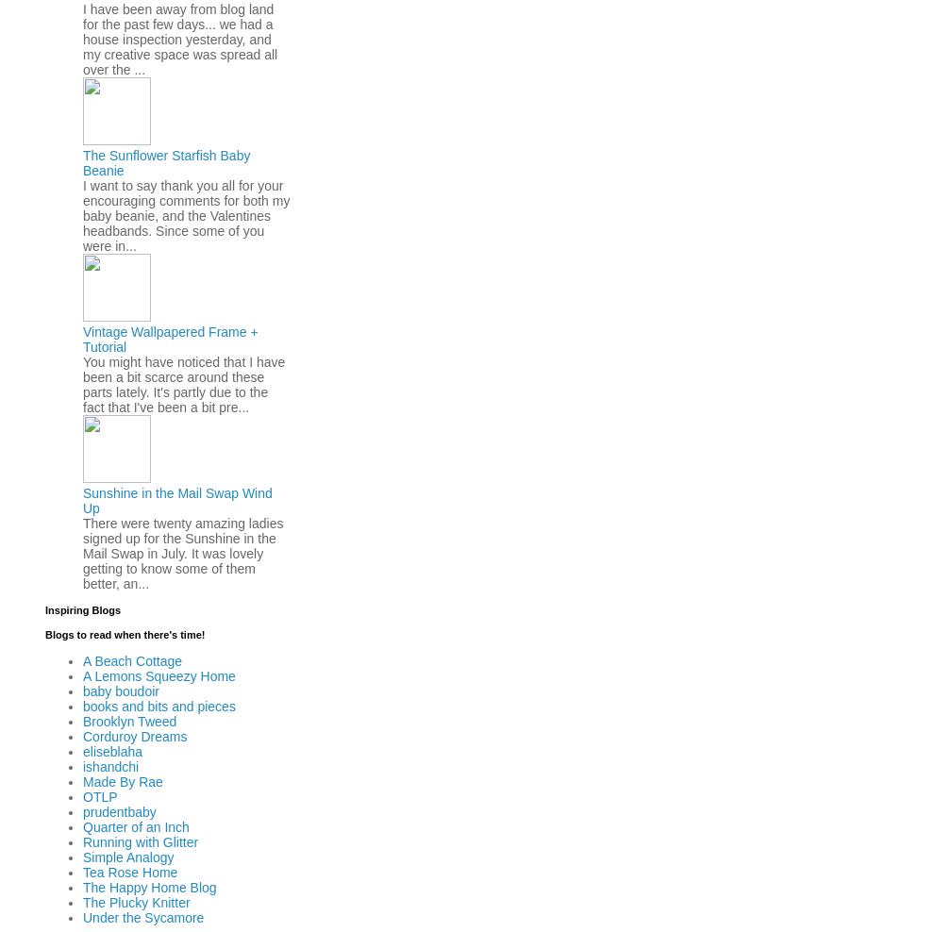 Image resolution: width=951 pixels, height=932 pixels. Describe the element at coordinates (82, 781) in the screenshot. I see `'Made By Rae'` at that location.